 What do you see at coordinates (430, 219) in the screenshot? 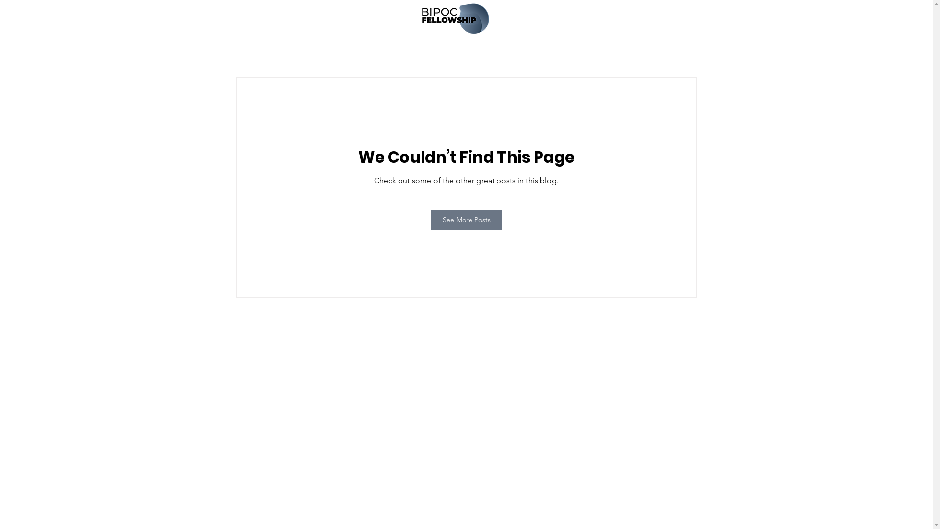
I see `'See More Posts'` at bounding box center [430, 219].